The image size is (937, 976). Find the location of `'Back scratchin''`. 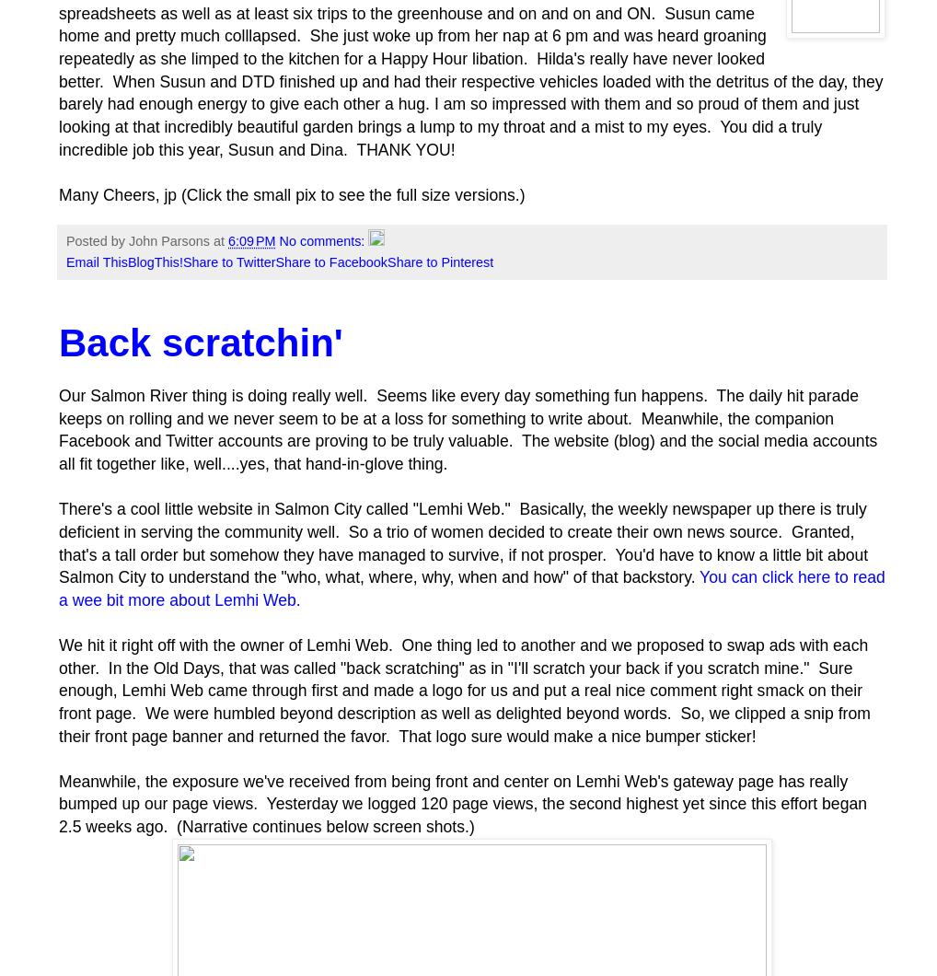

'Back scratchin'' is located at coordinates (59, 342).